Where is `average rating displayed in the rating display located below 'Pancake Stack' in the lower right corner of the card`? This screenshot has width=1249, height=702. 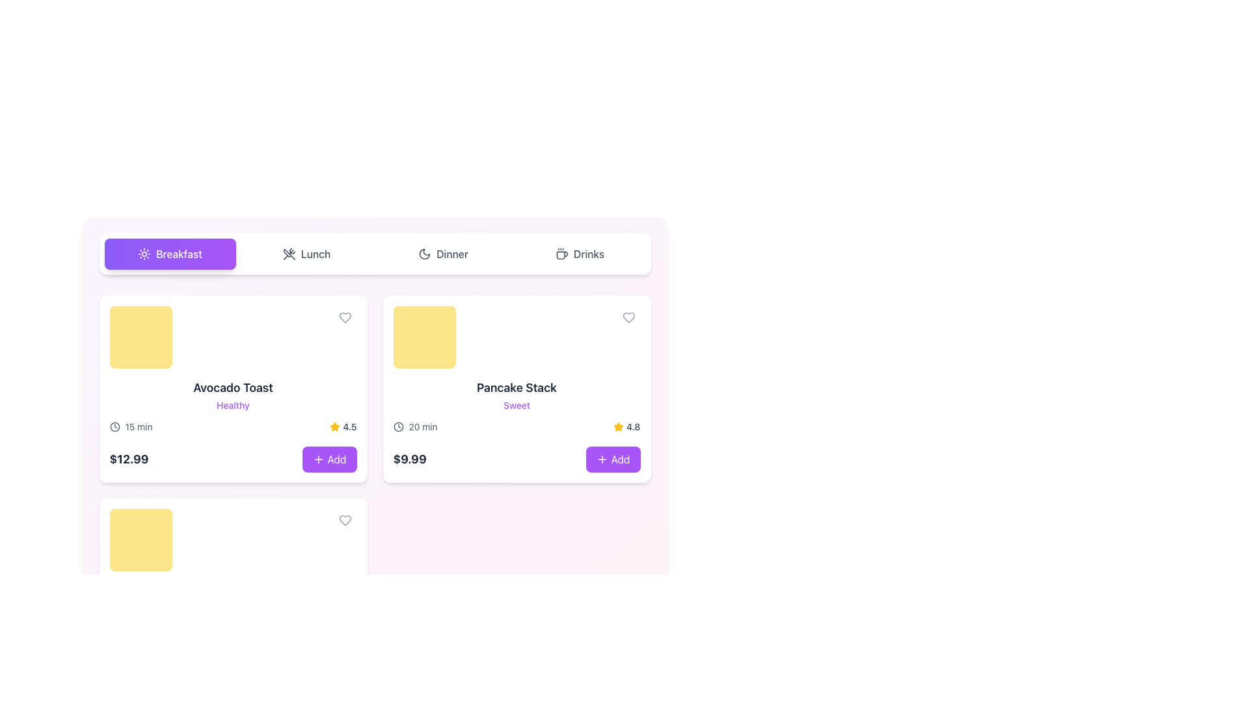
average rating displayed in the rating display located below 'Pancake Stack' in the lower right corner of the card is located at coordinates (626, 426).